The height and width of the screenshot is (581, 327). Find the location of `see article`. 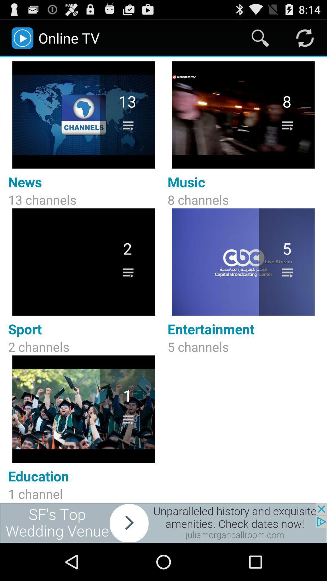

see article is located at coordinates (163, 523).